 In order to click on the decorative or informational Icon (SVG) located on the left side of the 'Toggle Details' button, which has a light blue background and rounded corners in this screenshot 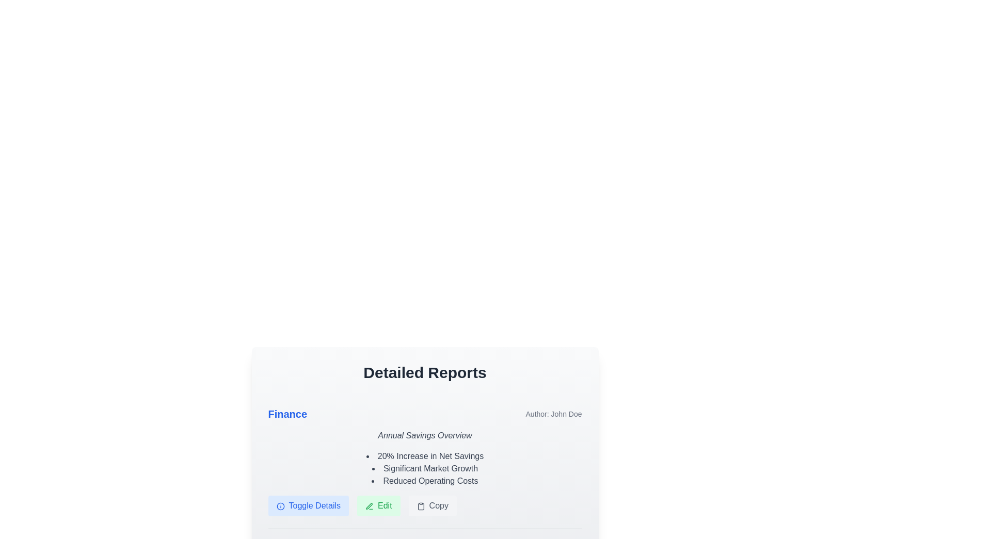, I will do `click(280, 505)`.